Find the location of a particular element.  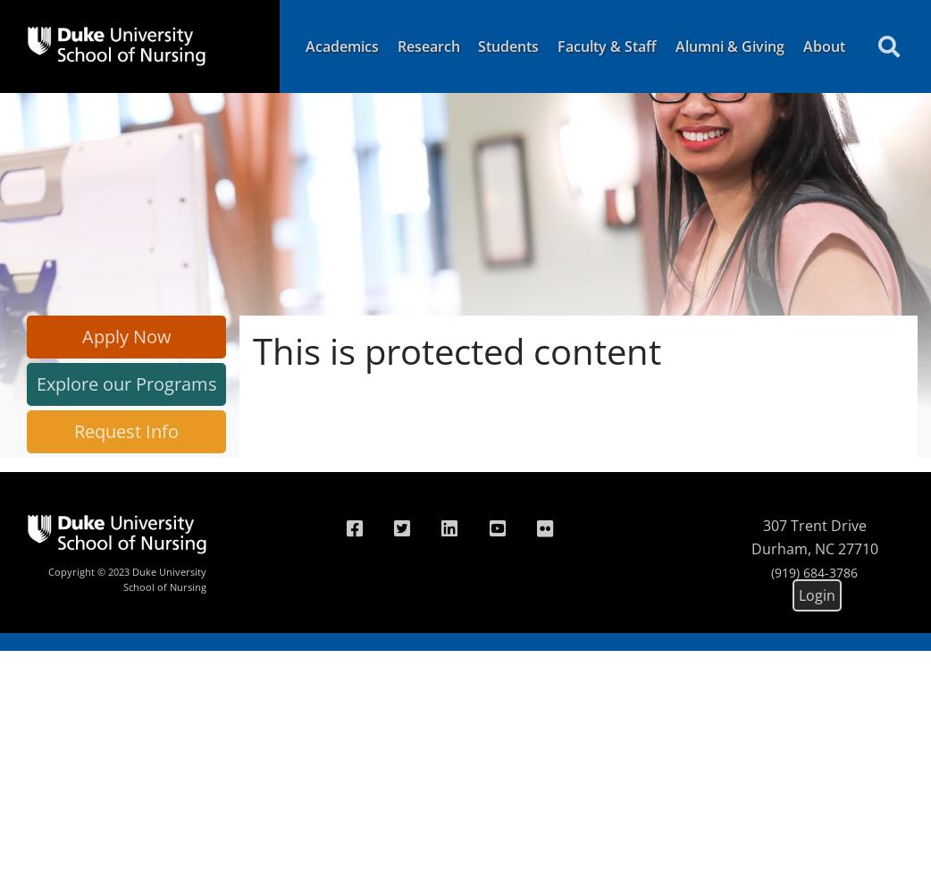

'Request' is located at coordinates (107, 430).